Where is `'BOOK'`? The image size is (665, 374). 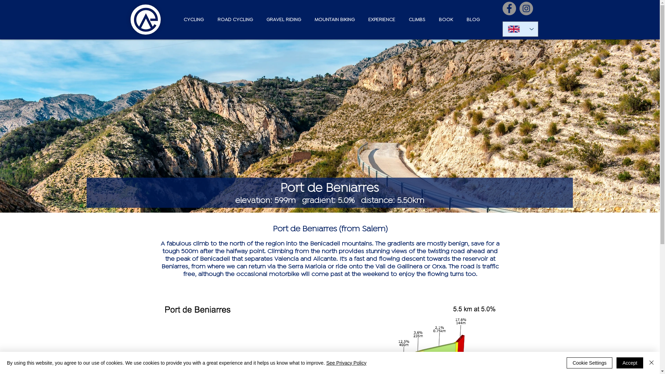
'BOOK' is located at coordinates (430, 19).